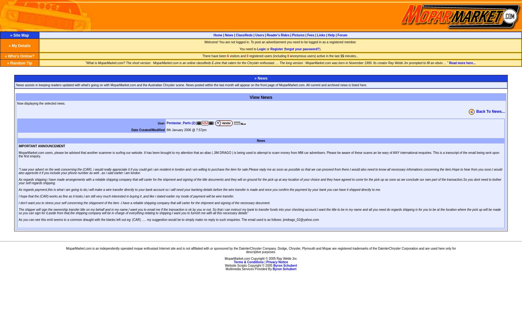  I want to click on 'Fees', so click(311, 35).